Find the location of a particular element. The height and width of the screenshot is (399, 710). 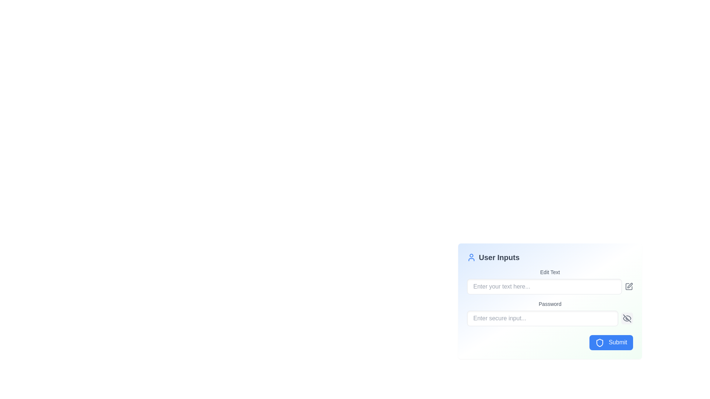

the small square-shaped gray icon button with a pencil icon located to the far right of the 'Edit Text' input field is located at coordinates (628, 286).